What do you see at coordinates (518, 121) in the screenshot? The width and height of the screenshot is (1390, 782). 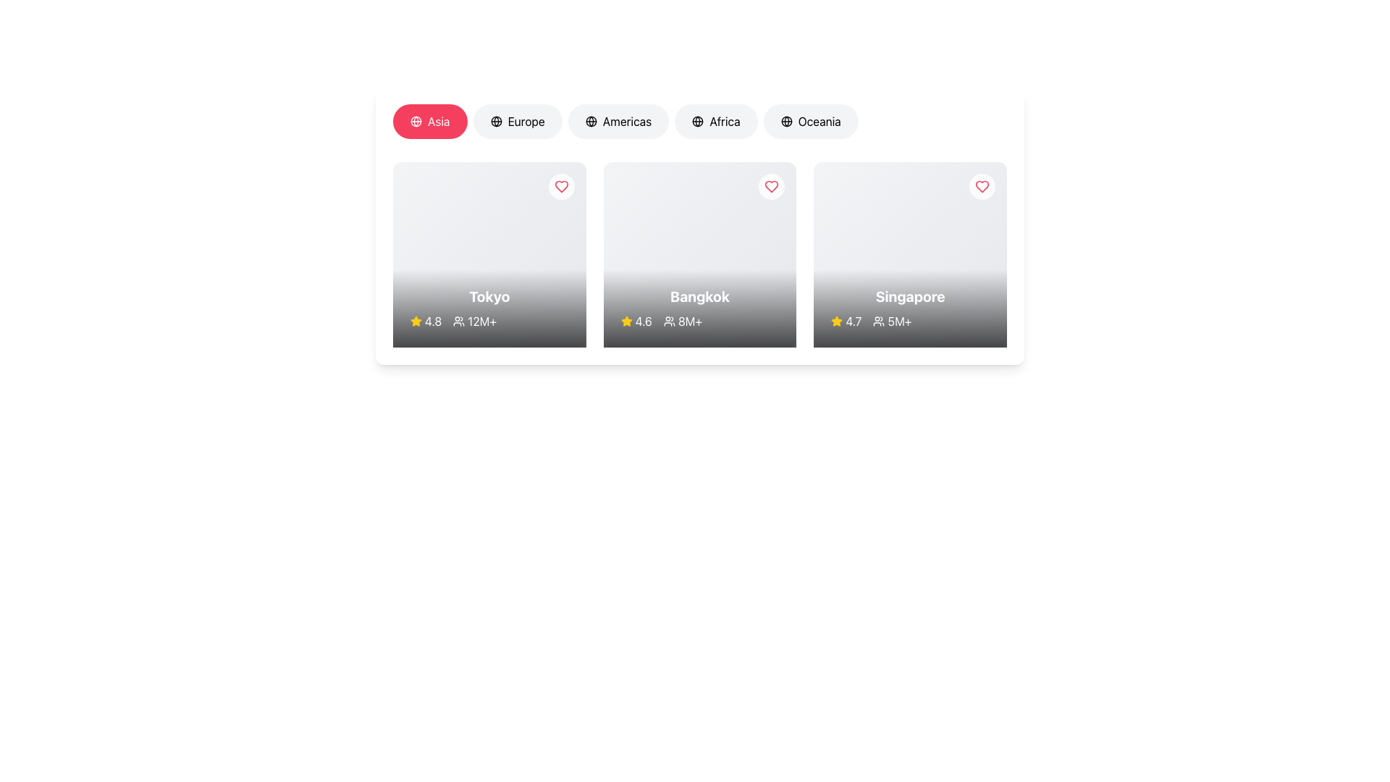 I see `the rounded rectangular button with a white background and gray border labeled 'Europe'` at bounding box center [518, 121].